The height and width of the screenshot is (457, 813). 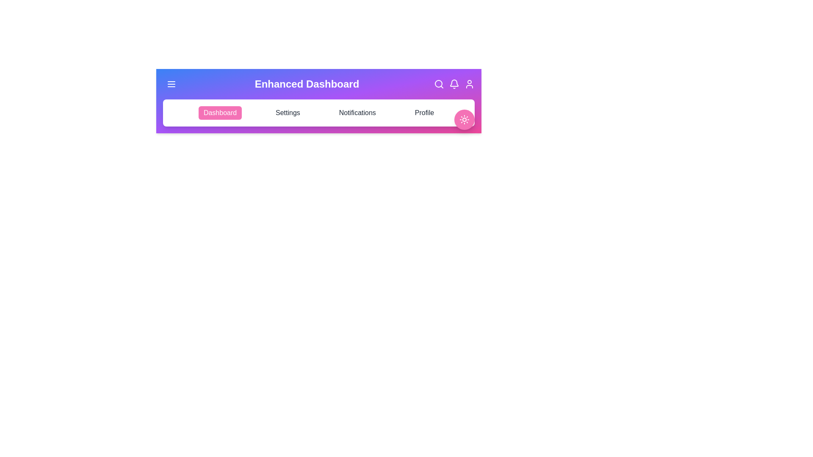 I want to click on the floating sun icon at the bottom-right corner, so click(x=464, y=119).